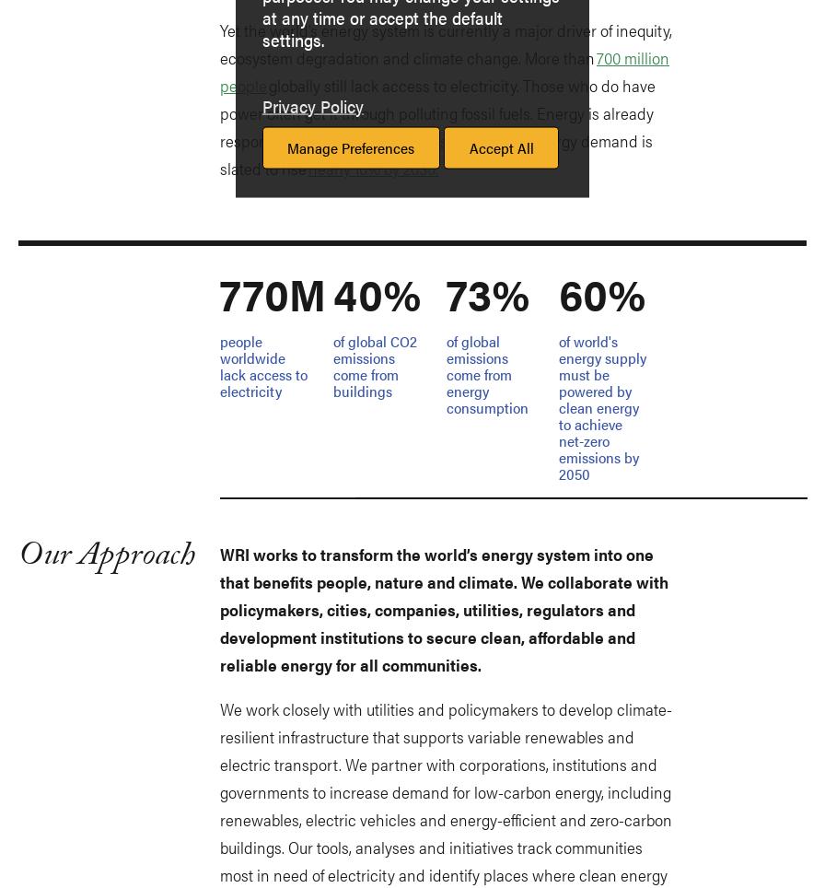 The height and width of the screenshot is (888, 825). I want to click on 'of global CO2 emissions come from buildings', so click(374, 366).